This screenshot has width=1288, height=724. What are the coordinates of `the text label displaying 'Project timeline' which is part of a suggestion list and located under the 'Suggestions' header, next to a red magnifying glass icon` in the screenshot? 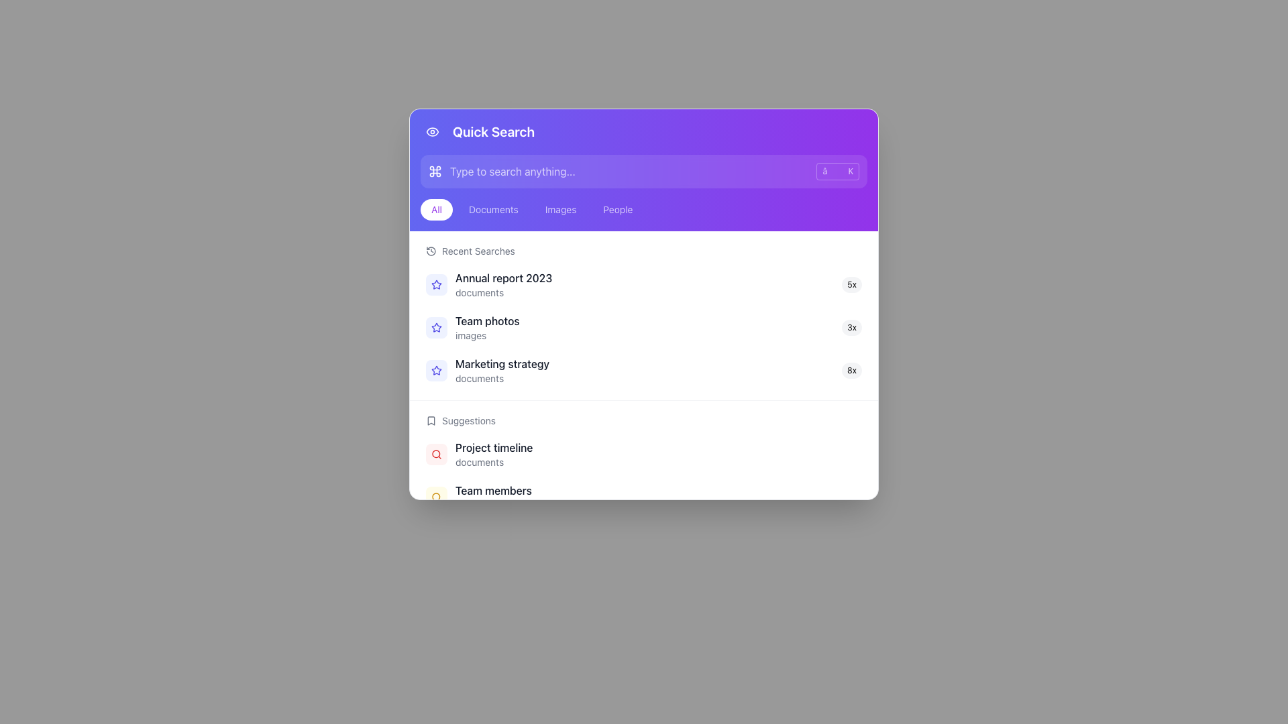 It's located at (649, 447).